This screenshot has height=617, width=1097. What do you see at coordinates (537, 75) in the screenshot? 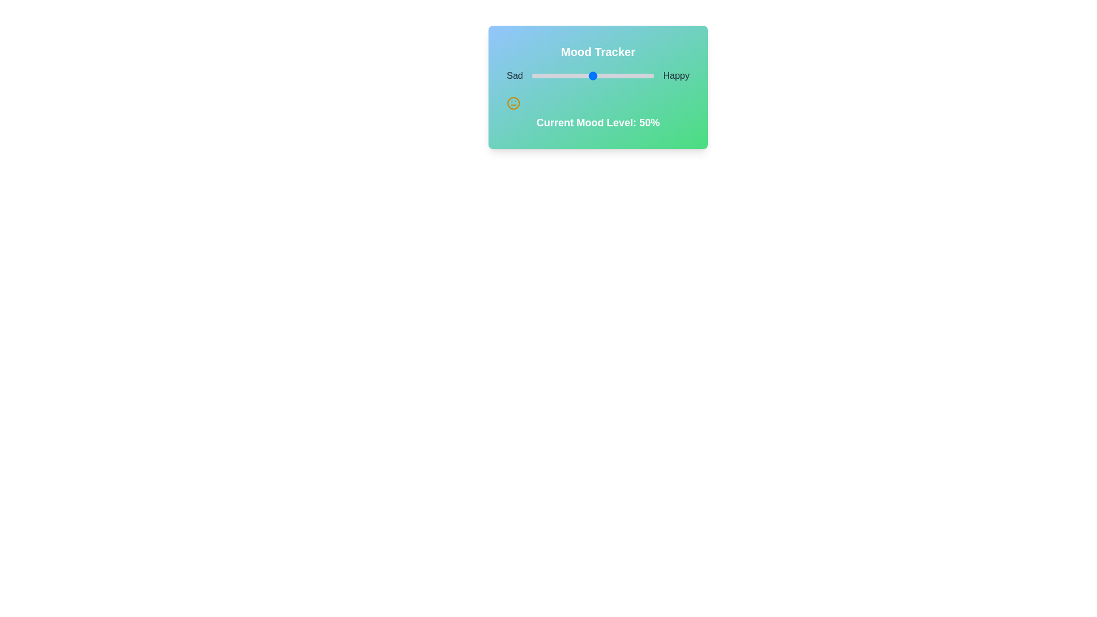
I see `the mood slider to set the mood value to 4` at bounding box center [537, 75].